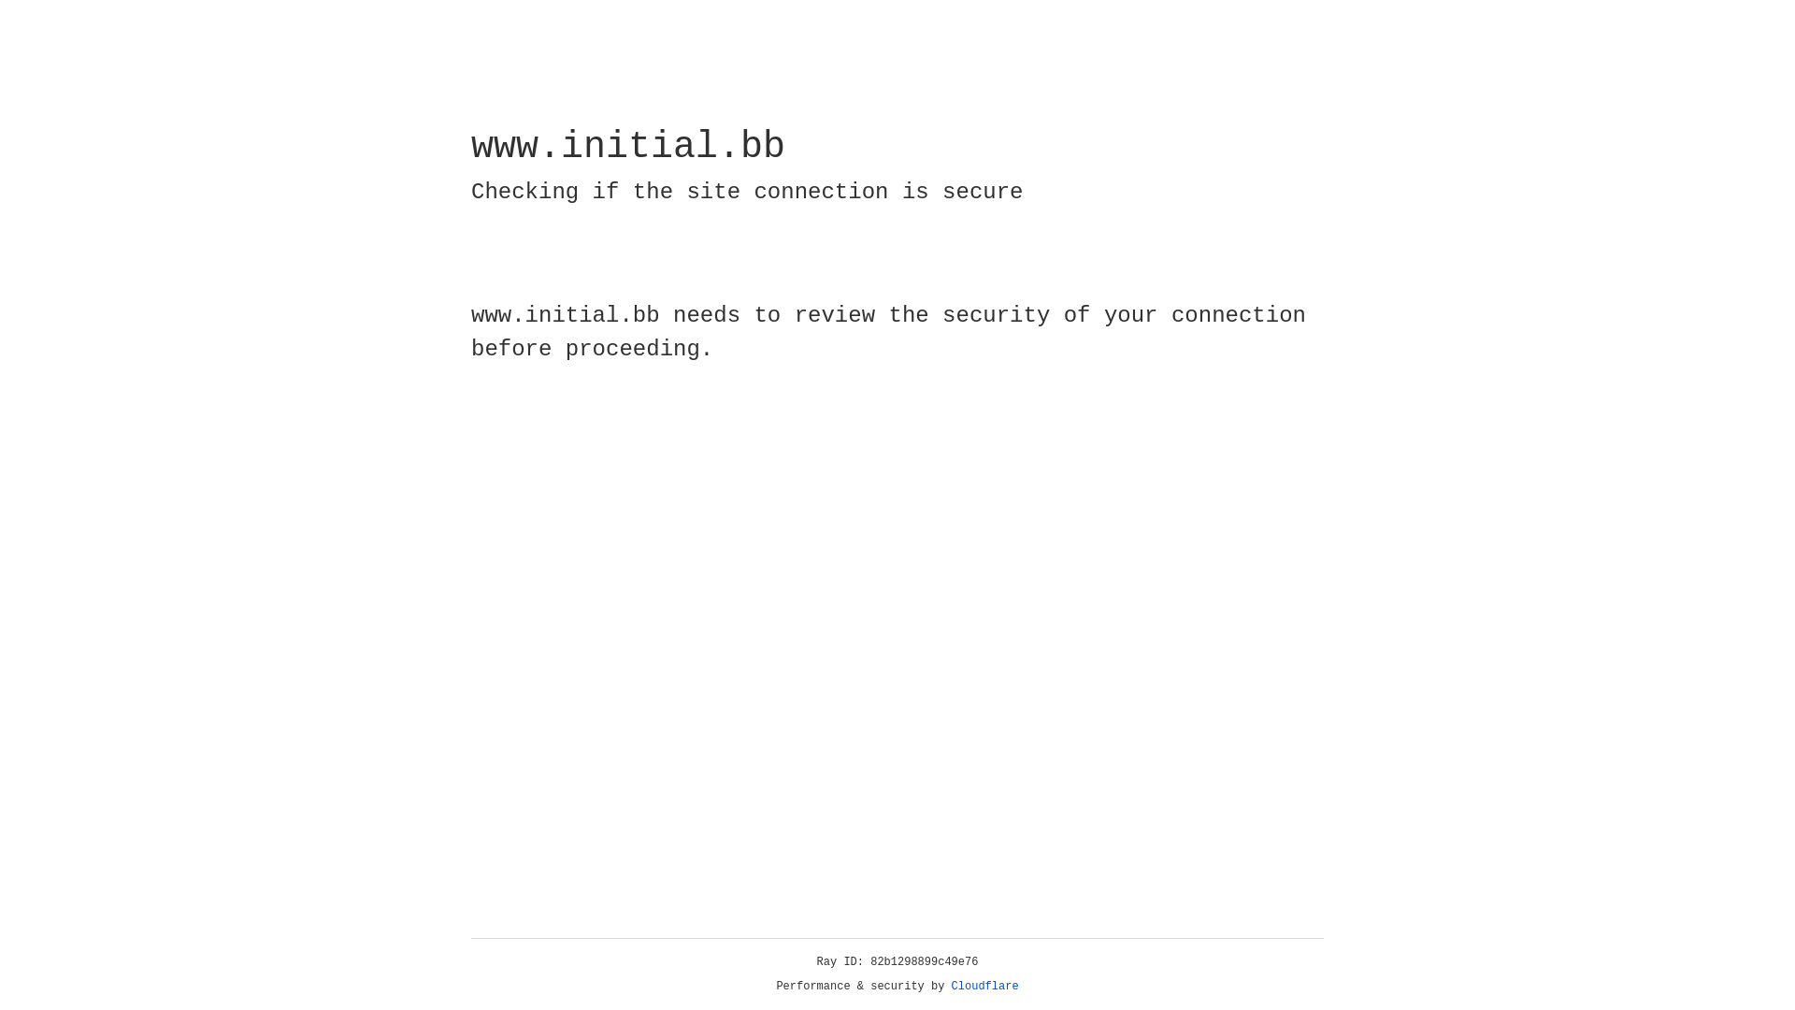  What do you see at coordinates (984, 986) in the screenshot?
I see `'Cloudflare'` at bounding box center [984, 986].